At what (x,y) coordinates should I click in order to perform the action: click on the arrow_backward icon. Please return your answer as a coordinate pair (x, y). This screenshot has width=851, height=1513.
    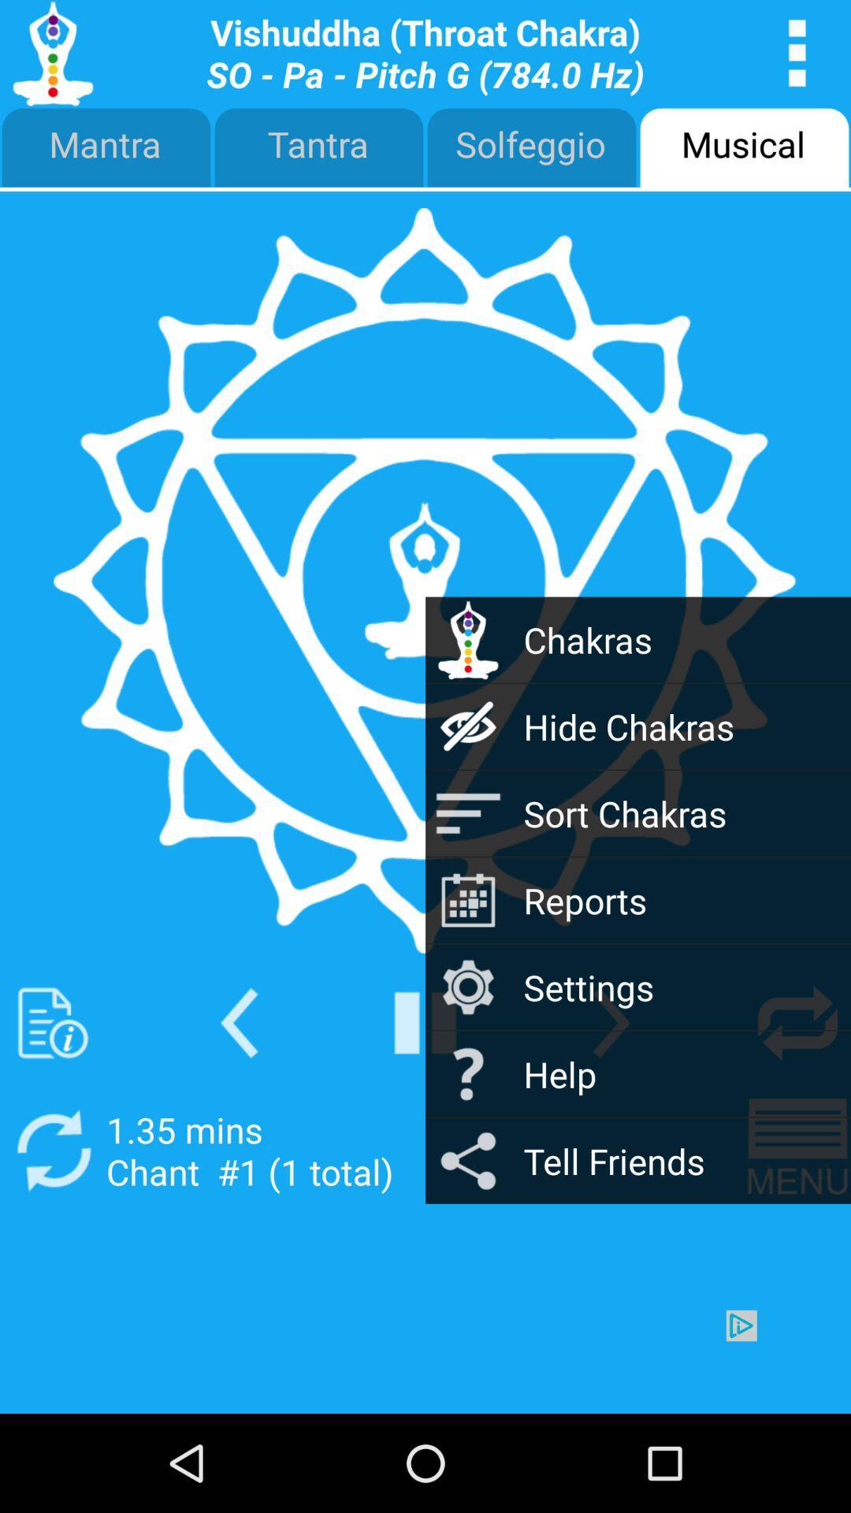
    Looking at the image, I should click on (239, 1094).